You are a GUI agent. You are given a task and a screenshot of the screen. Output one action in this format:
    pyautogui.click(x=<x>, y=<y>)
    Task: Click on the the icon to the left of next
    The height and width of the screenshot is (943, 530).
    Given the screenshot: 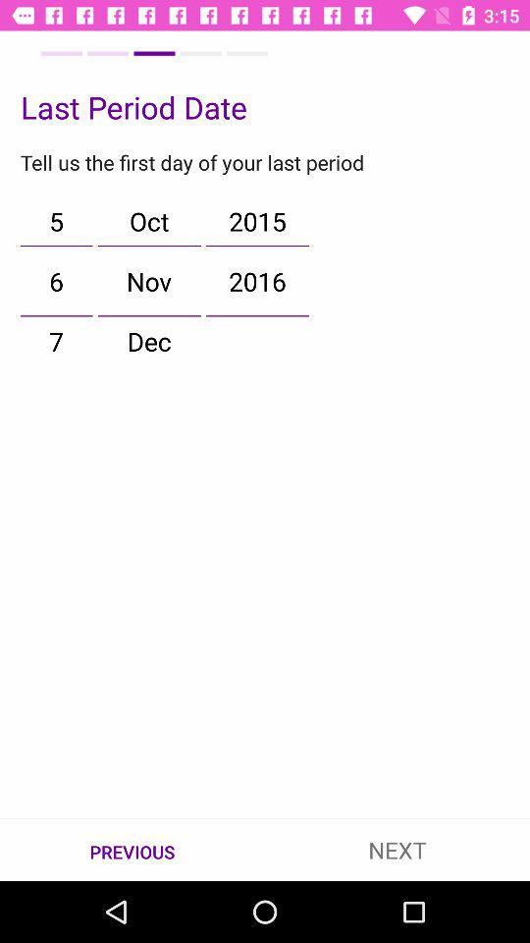 What is the action you would take?
    pyautogui.click(x=132, y=850)
    